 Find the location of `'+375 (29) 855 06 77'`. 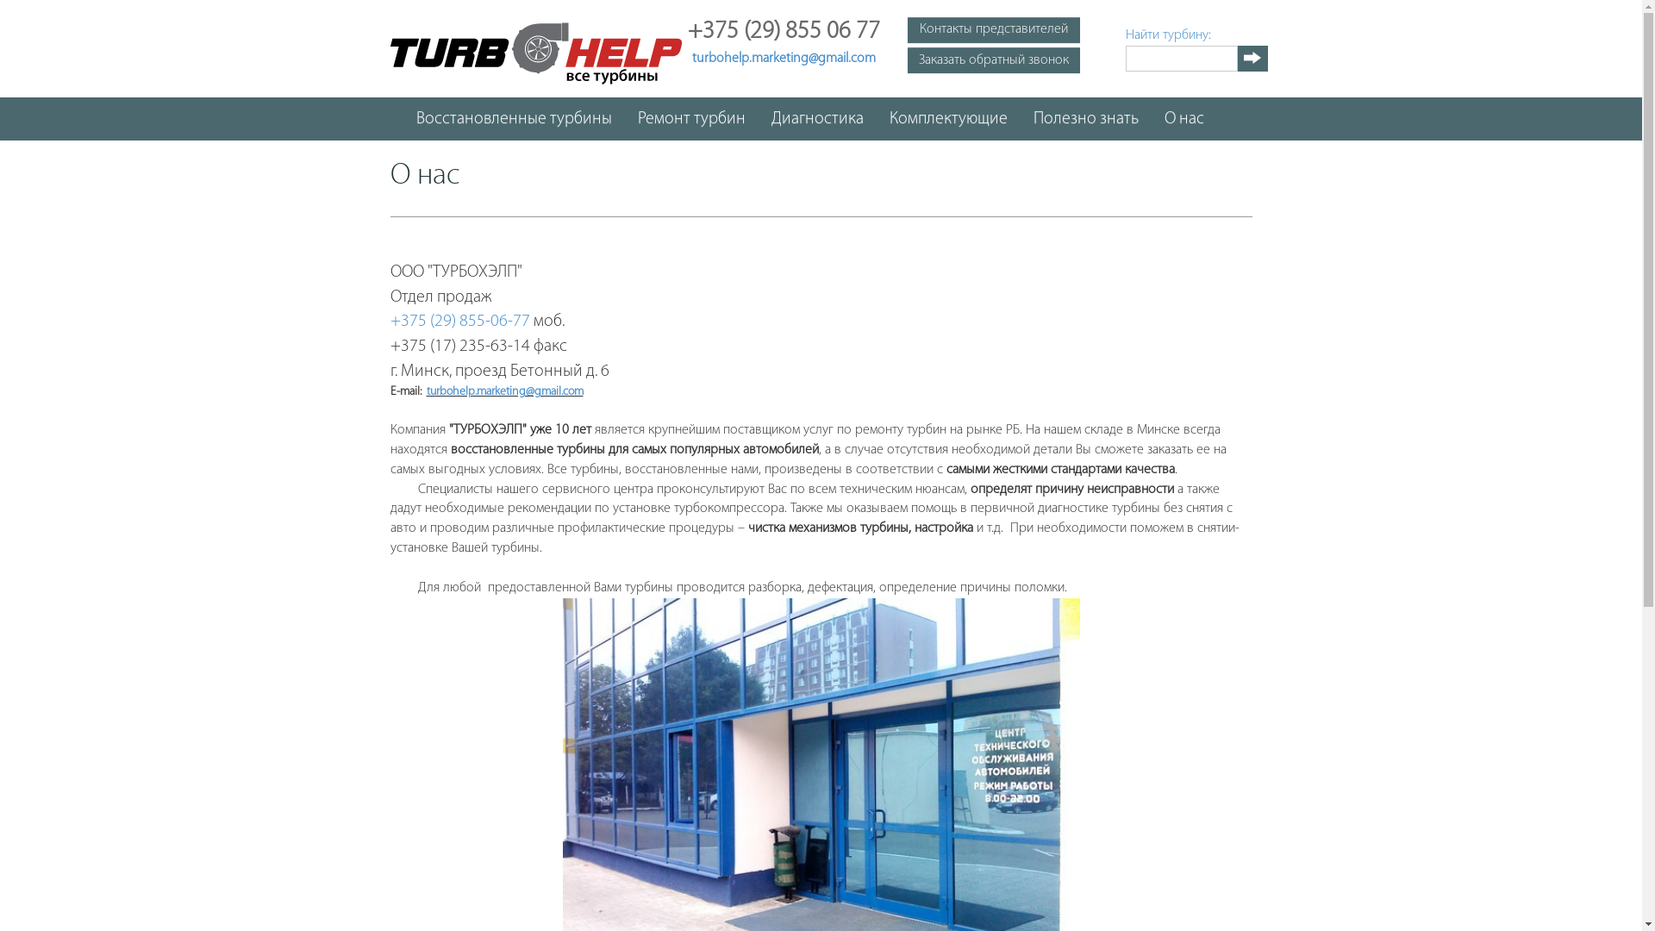

'+375 (29) 855 06 77' is located at coordinates (783, 34).